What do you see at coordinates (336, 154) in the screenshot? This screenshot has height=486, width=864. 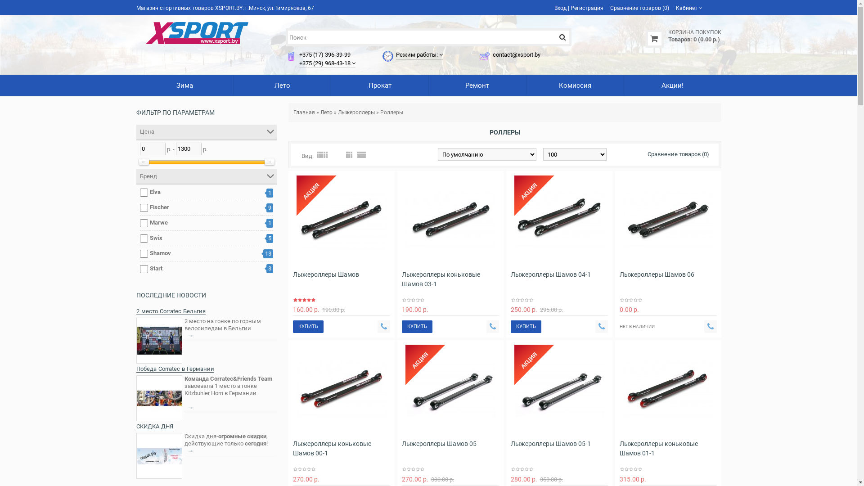 I see `'view4'` at bounding box center [336, 154].